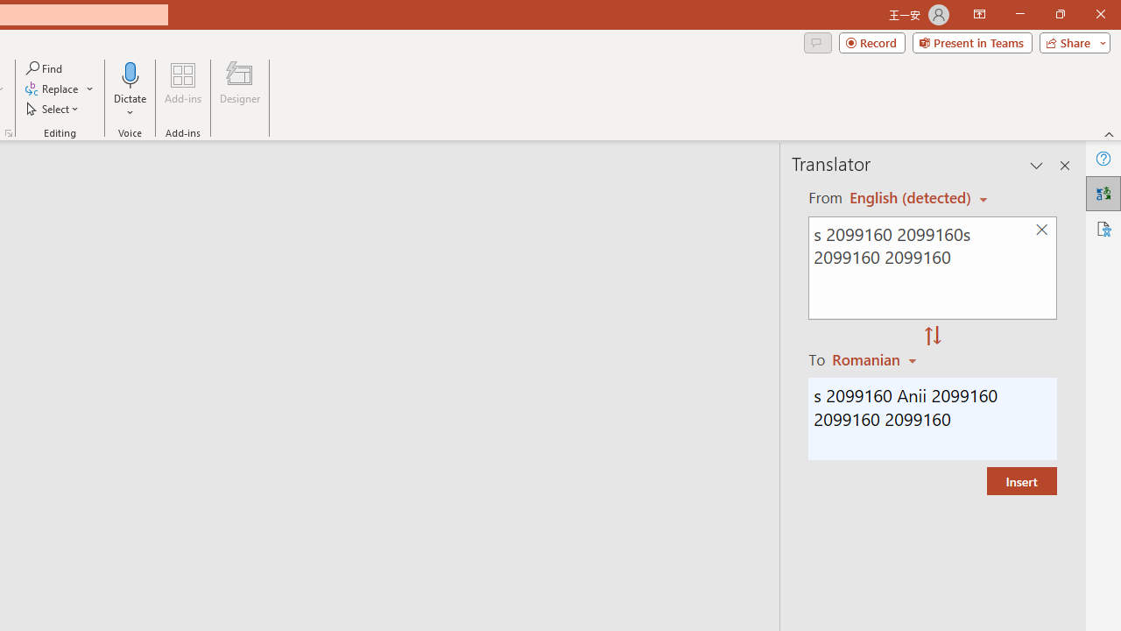 Image resolution: width=1121 pixels, height=631 pixels. What do you see at coordinates (45, 67) in the screenshot?
I see `'Find...'` at bounding box center [45, 67].